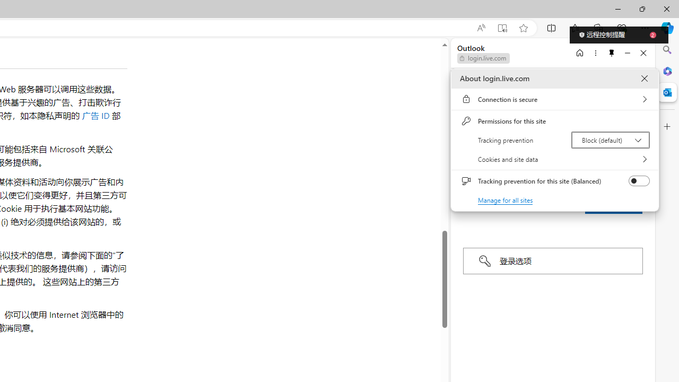 This screenshot has width=679, height=382. What do you see at coordinates (610, 139) in the screenshot?
I see `'Tracking prevention Block (default)'` at bounding box center [610, 139].